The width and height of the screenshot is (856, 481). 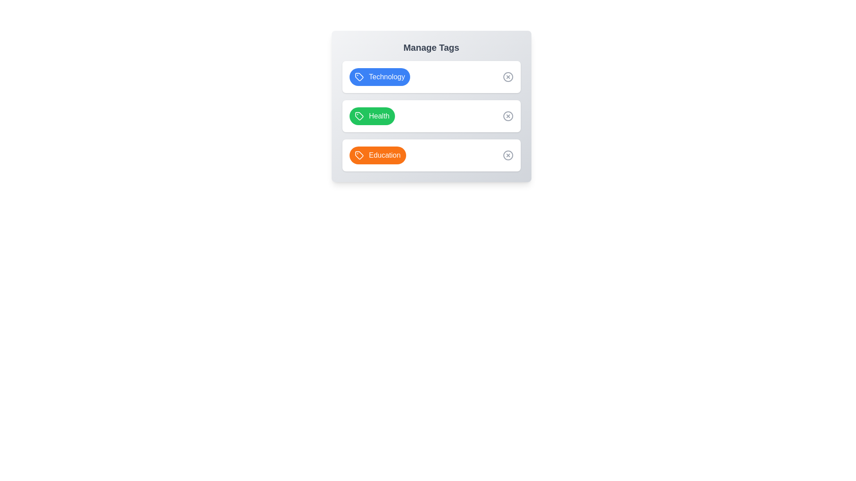 What do you see at coordinates (508, 116) in the screenshot?
I see `close button for the tag labeled Health` at bounding box center [508, 116].